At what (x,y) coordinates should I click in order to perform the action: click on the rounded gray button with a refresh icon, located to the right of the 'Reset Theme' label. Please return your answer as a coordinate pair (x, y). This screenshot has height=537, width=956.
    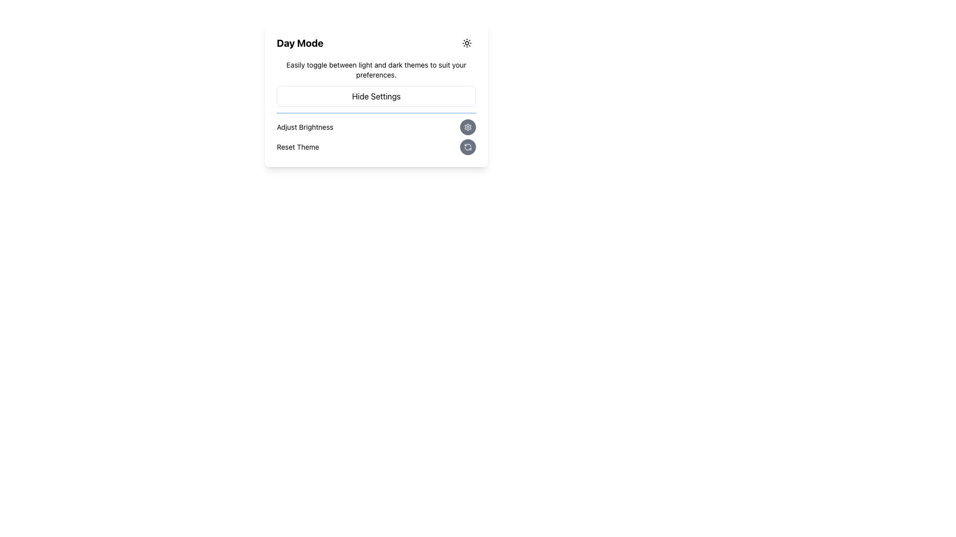
    Looking at the image, I should click on (468, 147).